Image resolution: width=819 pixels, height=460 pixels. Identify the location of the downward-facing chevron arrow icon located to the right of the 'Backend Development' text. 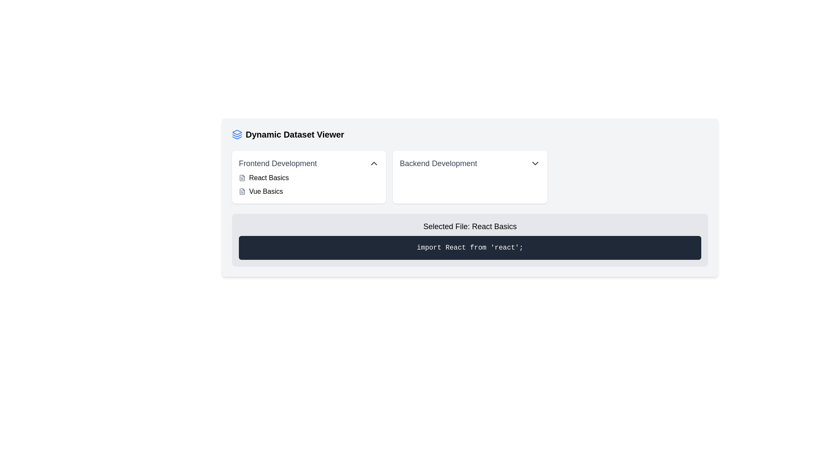
(534, 164).